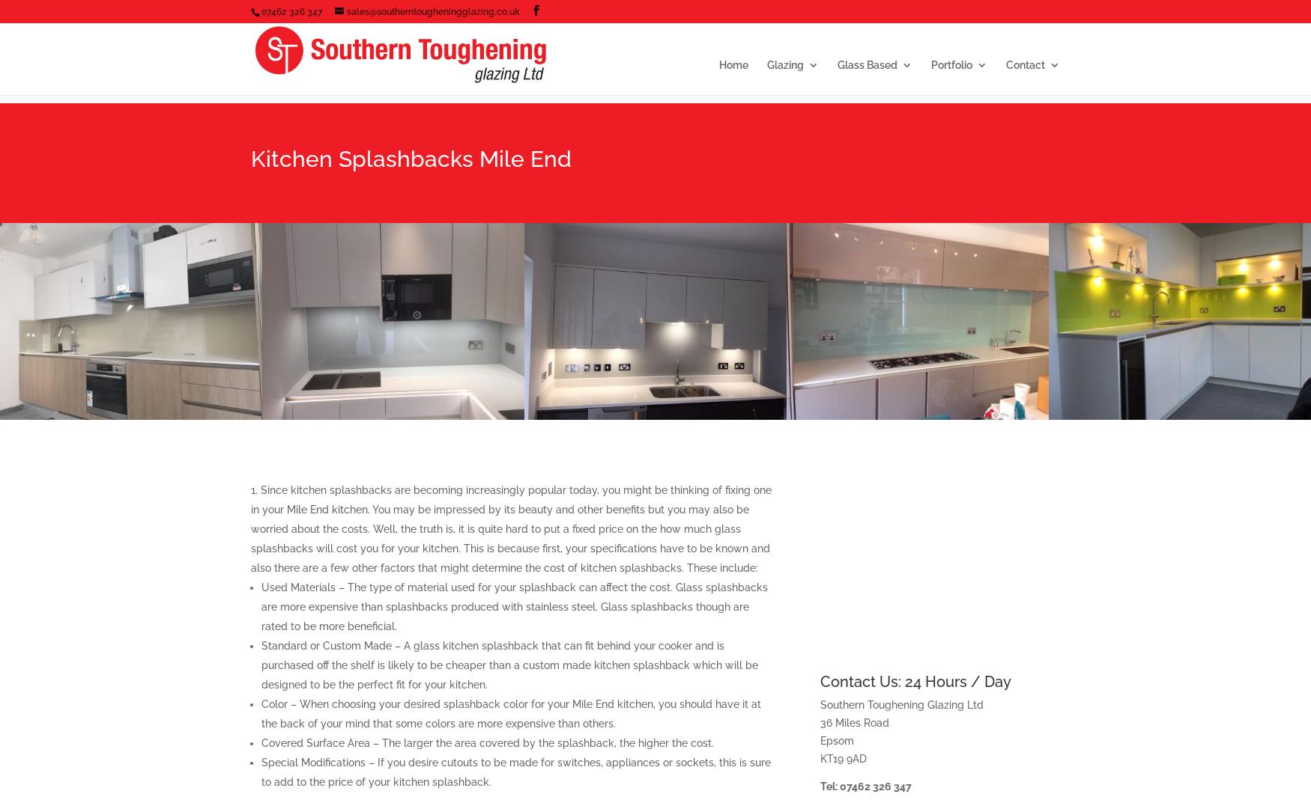  I want to click on '07462 326 347', so click(261, 10).